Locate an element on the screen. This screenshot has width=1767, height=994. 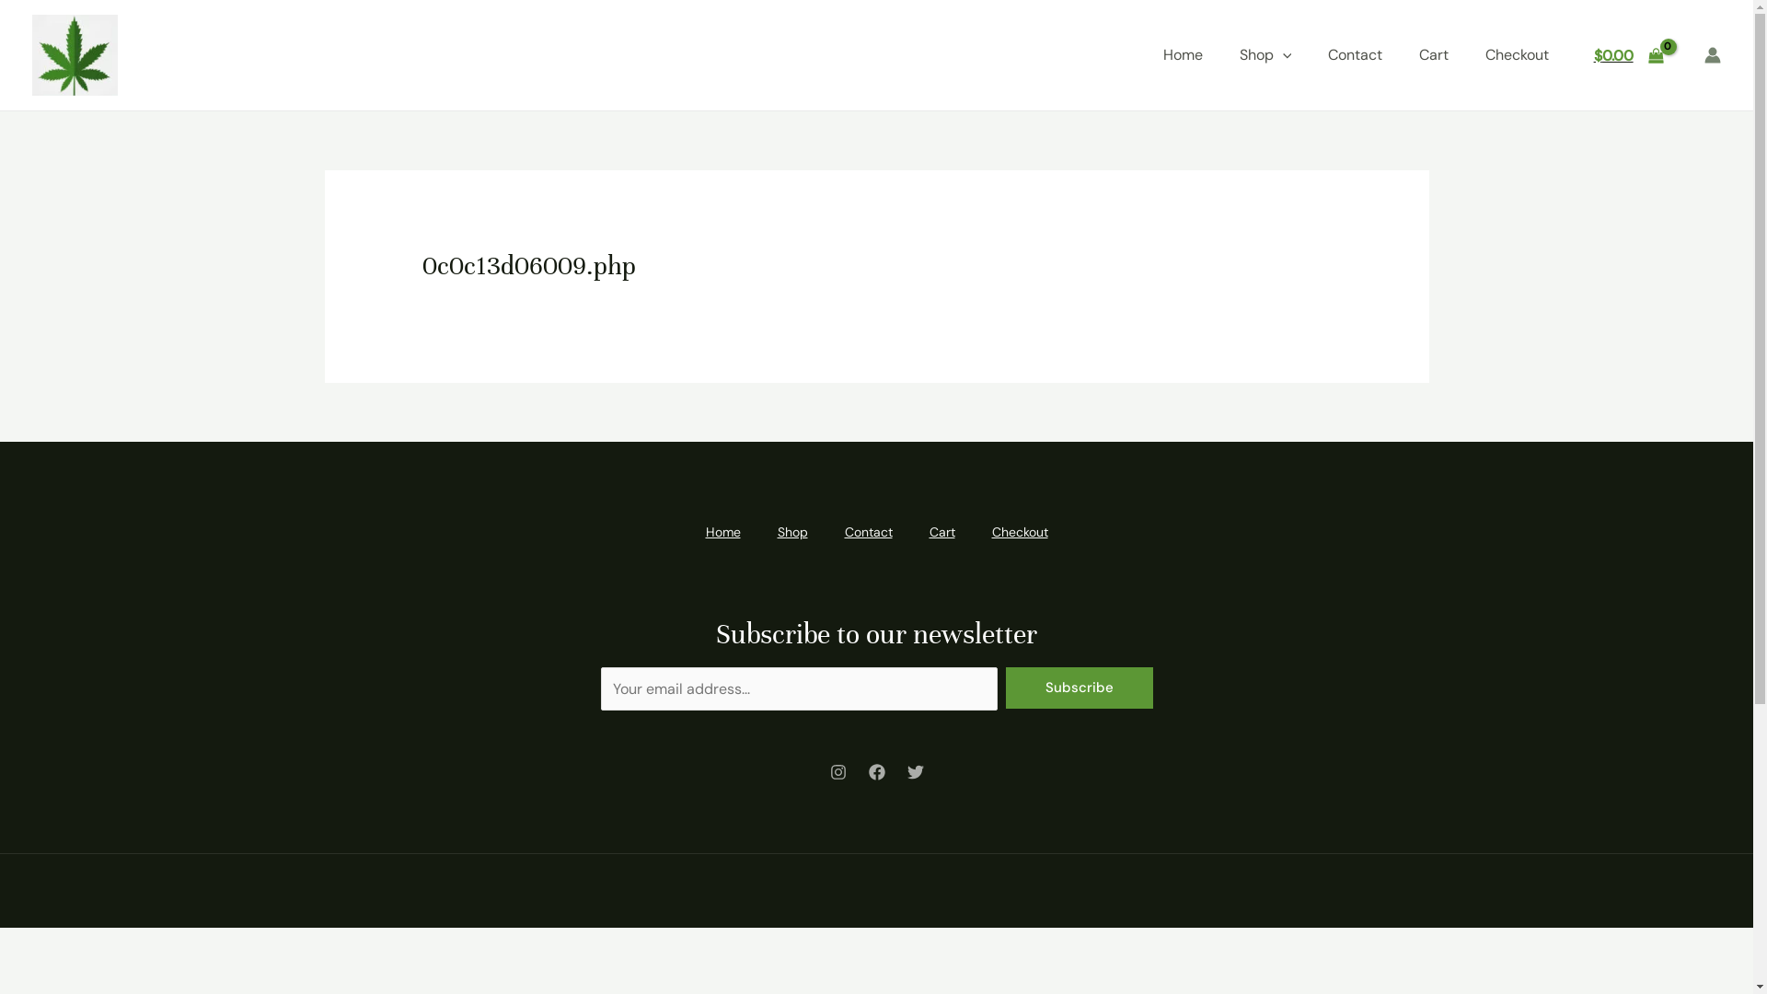
'$0.00' is located at coordinates (1628, 54).